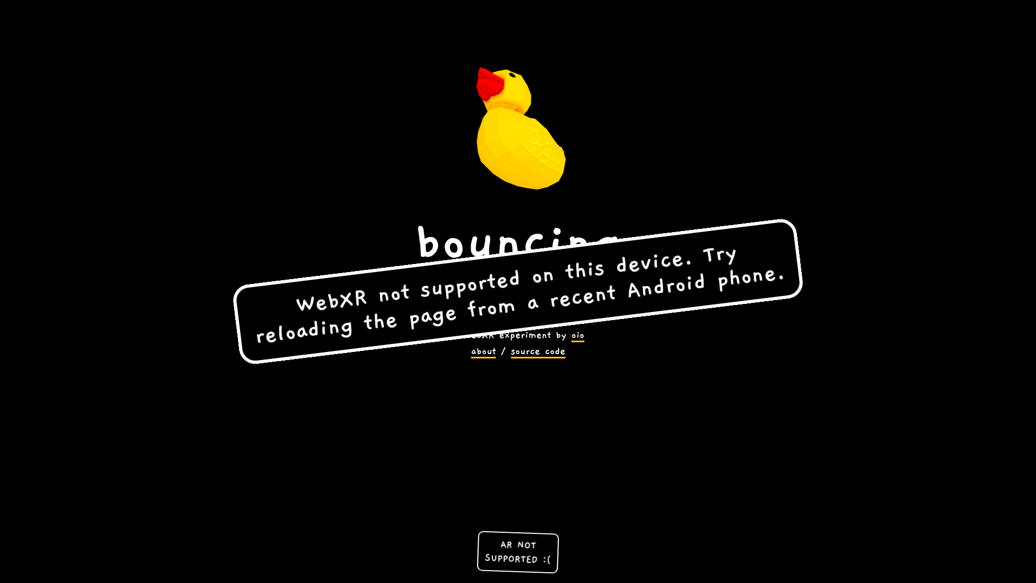  What do you see at coordinates (482, 351) in the screenshot?
I see `'about'` at bounding box center [482, 351].